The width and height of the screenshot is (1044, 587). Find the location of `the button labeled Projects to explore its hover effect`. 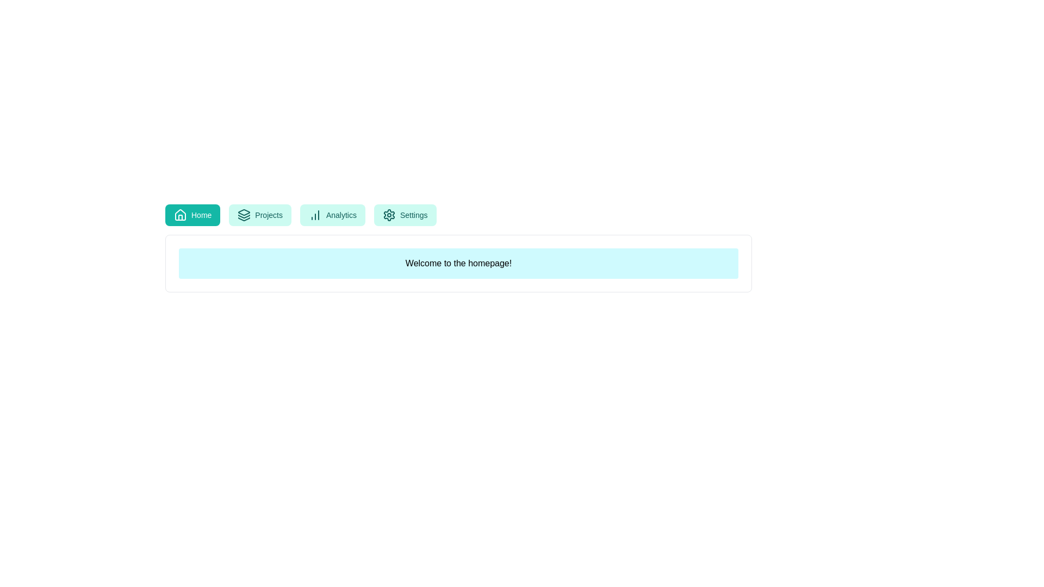

the button labeled Projects to explore its hover effect is located at coordinates (259, 215).